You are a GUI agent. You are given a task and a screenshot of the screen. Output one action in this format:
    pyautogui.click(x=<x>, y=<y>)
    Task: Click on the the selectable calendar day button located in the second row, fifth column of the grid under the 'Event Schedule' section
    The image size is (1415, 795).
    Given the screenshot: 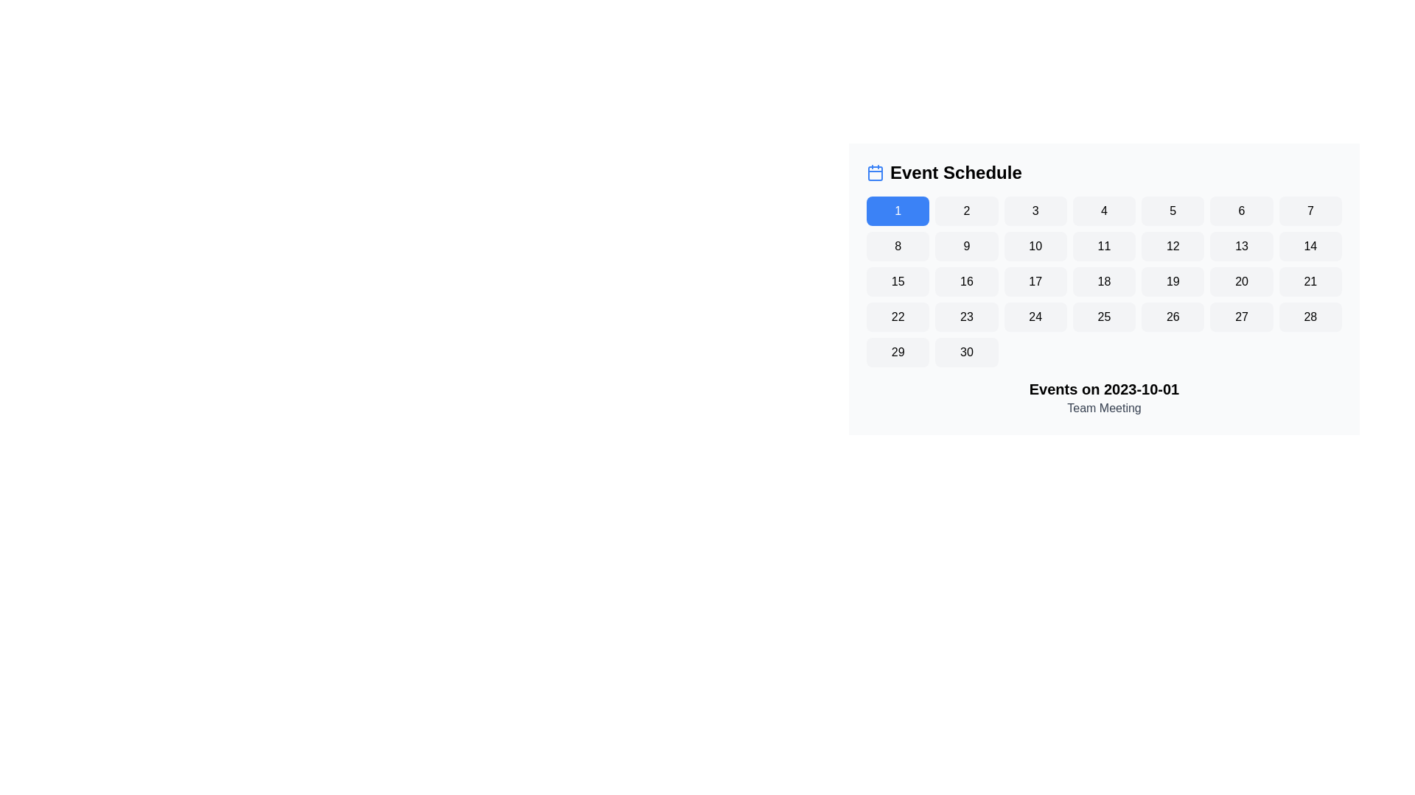 What is the action you would take?
    pyautogui.click(x=1172, y=246)
    